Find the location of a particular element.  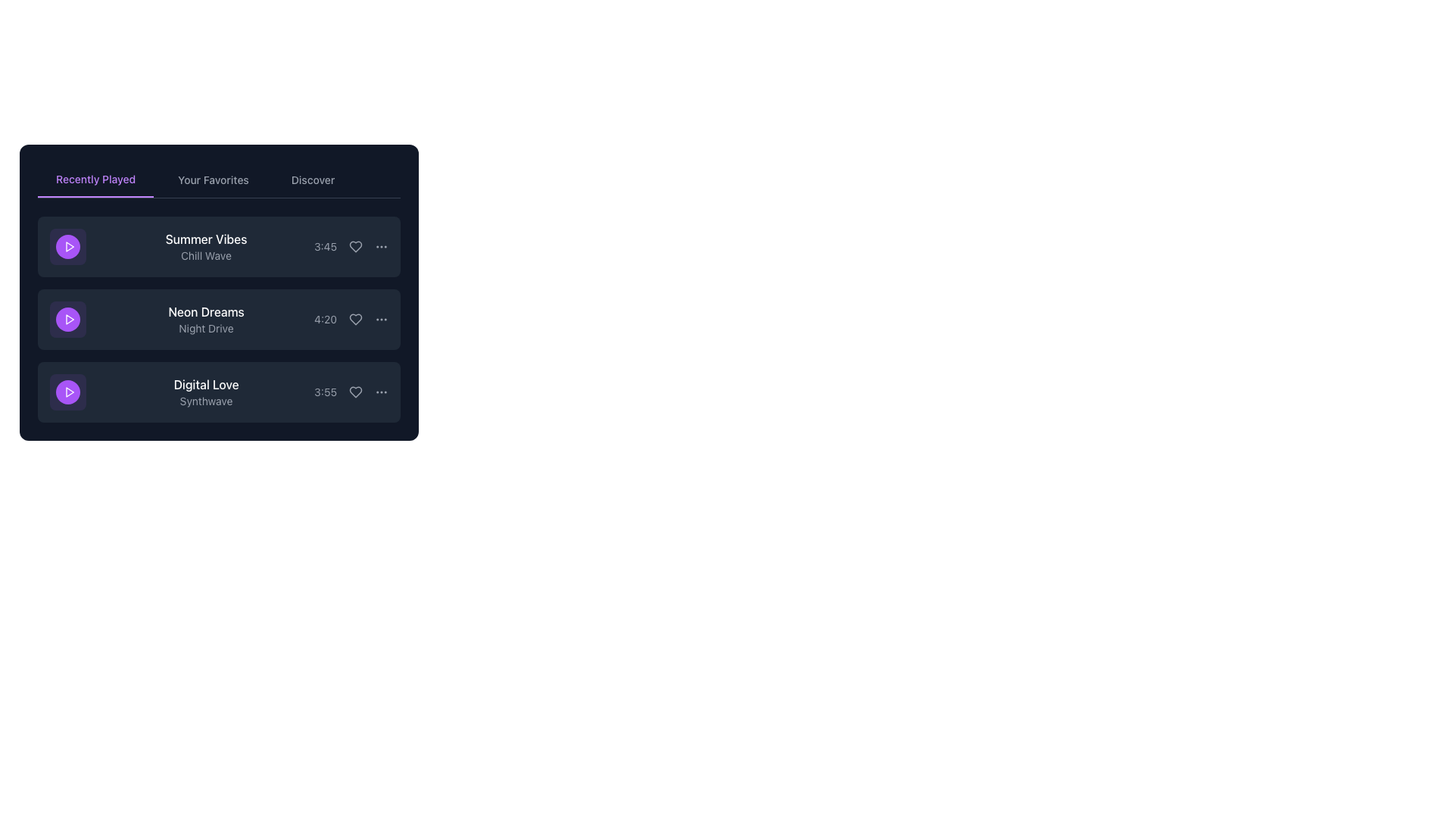

the button represented by three horizontally aligned dots (ellipsis) to change its color from gray to purple. This button is located on the far right of the 'Digital Love' playlist row, next to the timestamp '3:55' is located at coordinates (382, 391).